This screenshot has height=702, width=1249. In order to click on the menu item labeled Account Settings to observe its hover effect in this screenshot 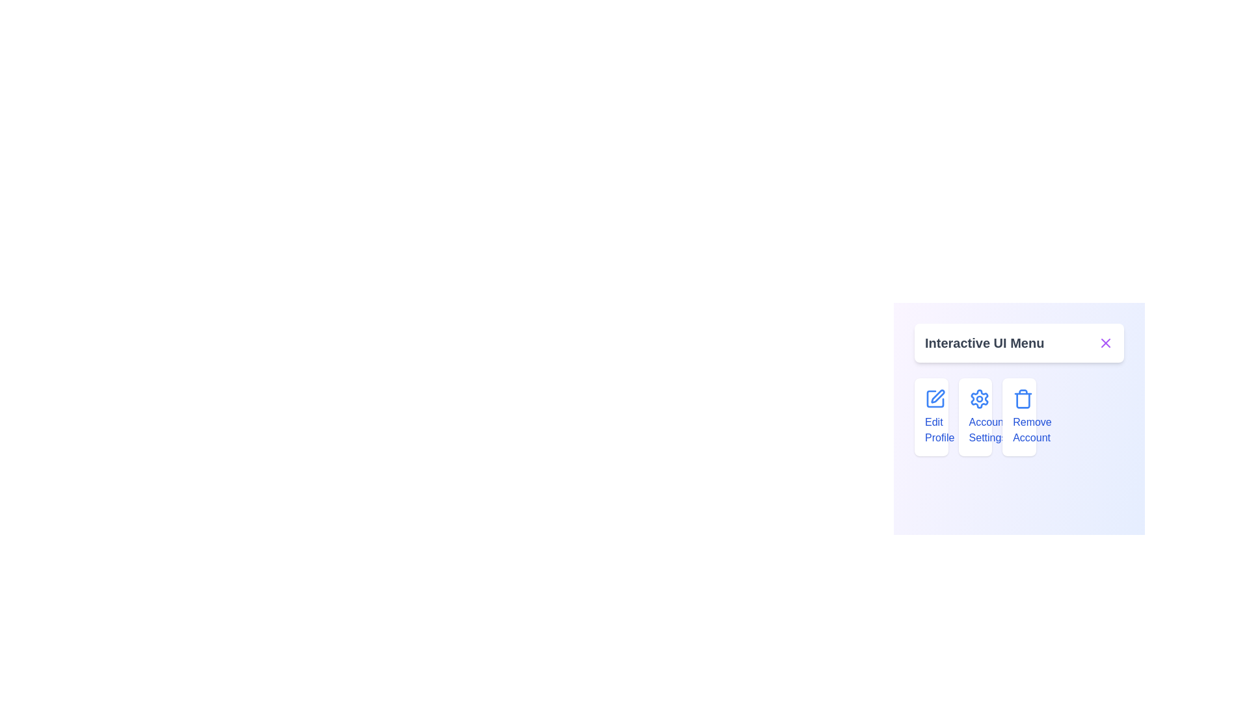, I will do `click(975, 417)`.